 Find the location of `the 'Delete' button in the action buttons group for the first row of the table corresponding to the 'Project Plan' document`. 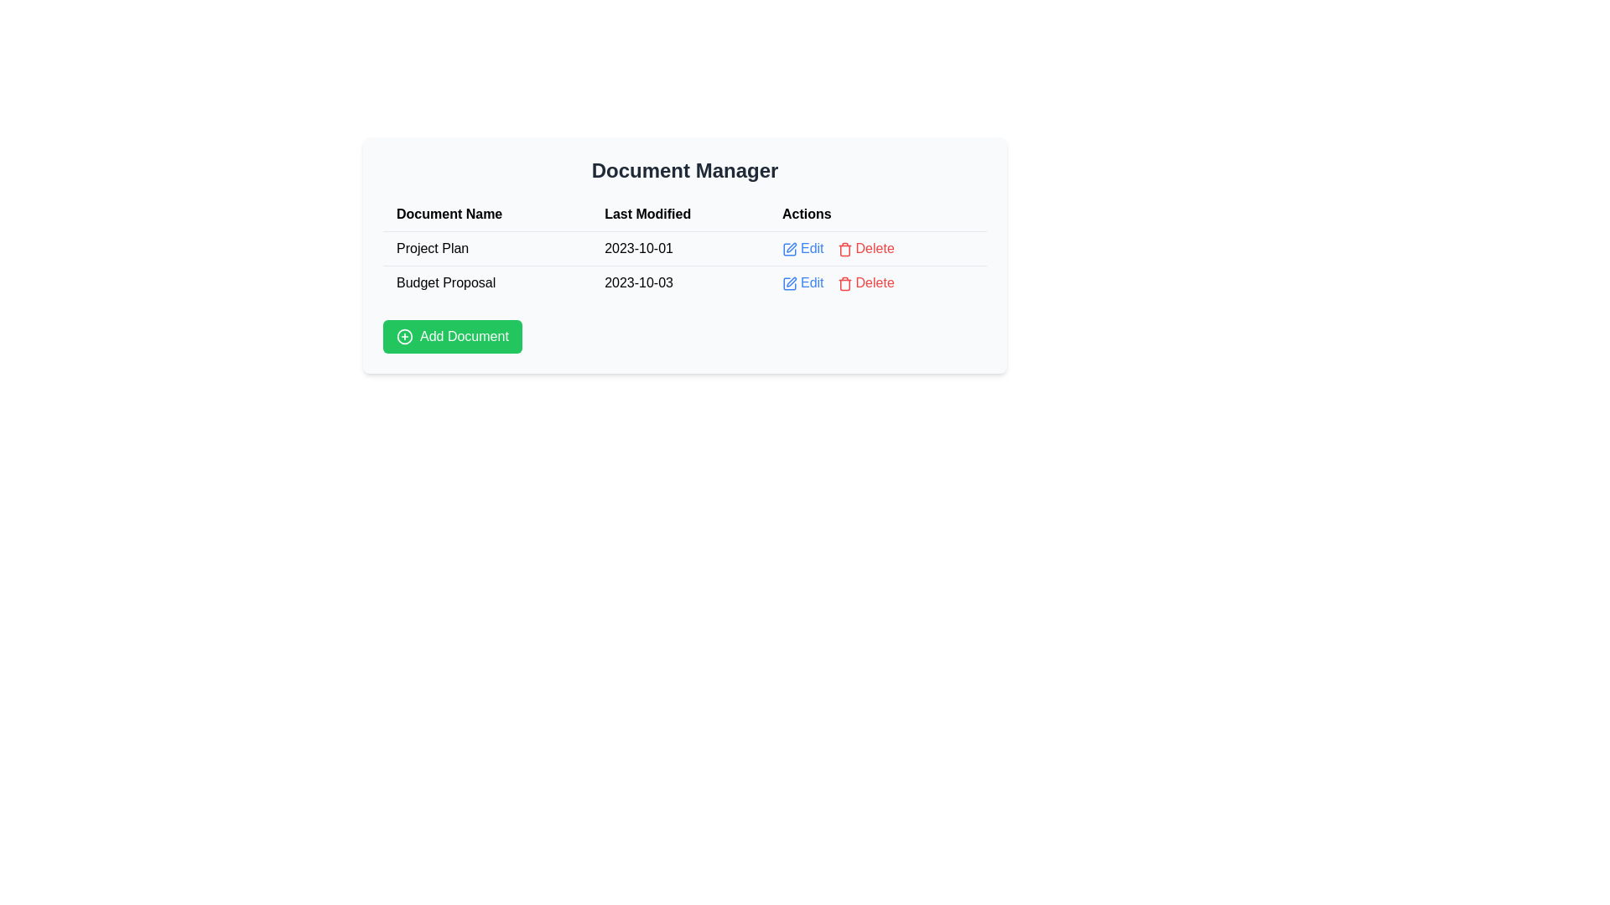

the 'Delete' button in the action buttons group for the first row of the table corresponding to the 'Project Plan' document is located at coordinates (876, 249).